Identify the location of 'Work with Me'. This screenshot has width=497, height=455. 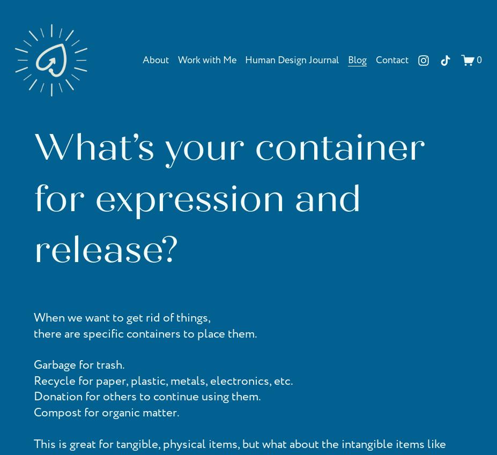
(206, 59).